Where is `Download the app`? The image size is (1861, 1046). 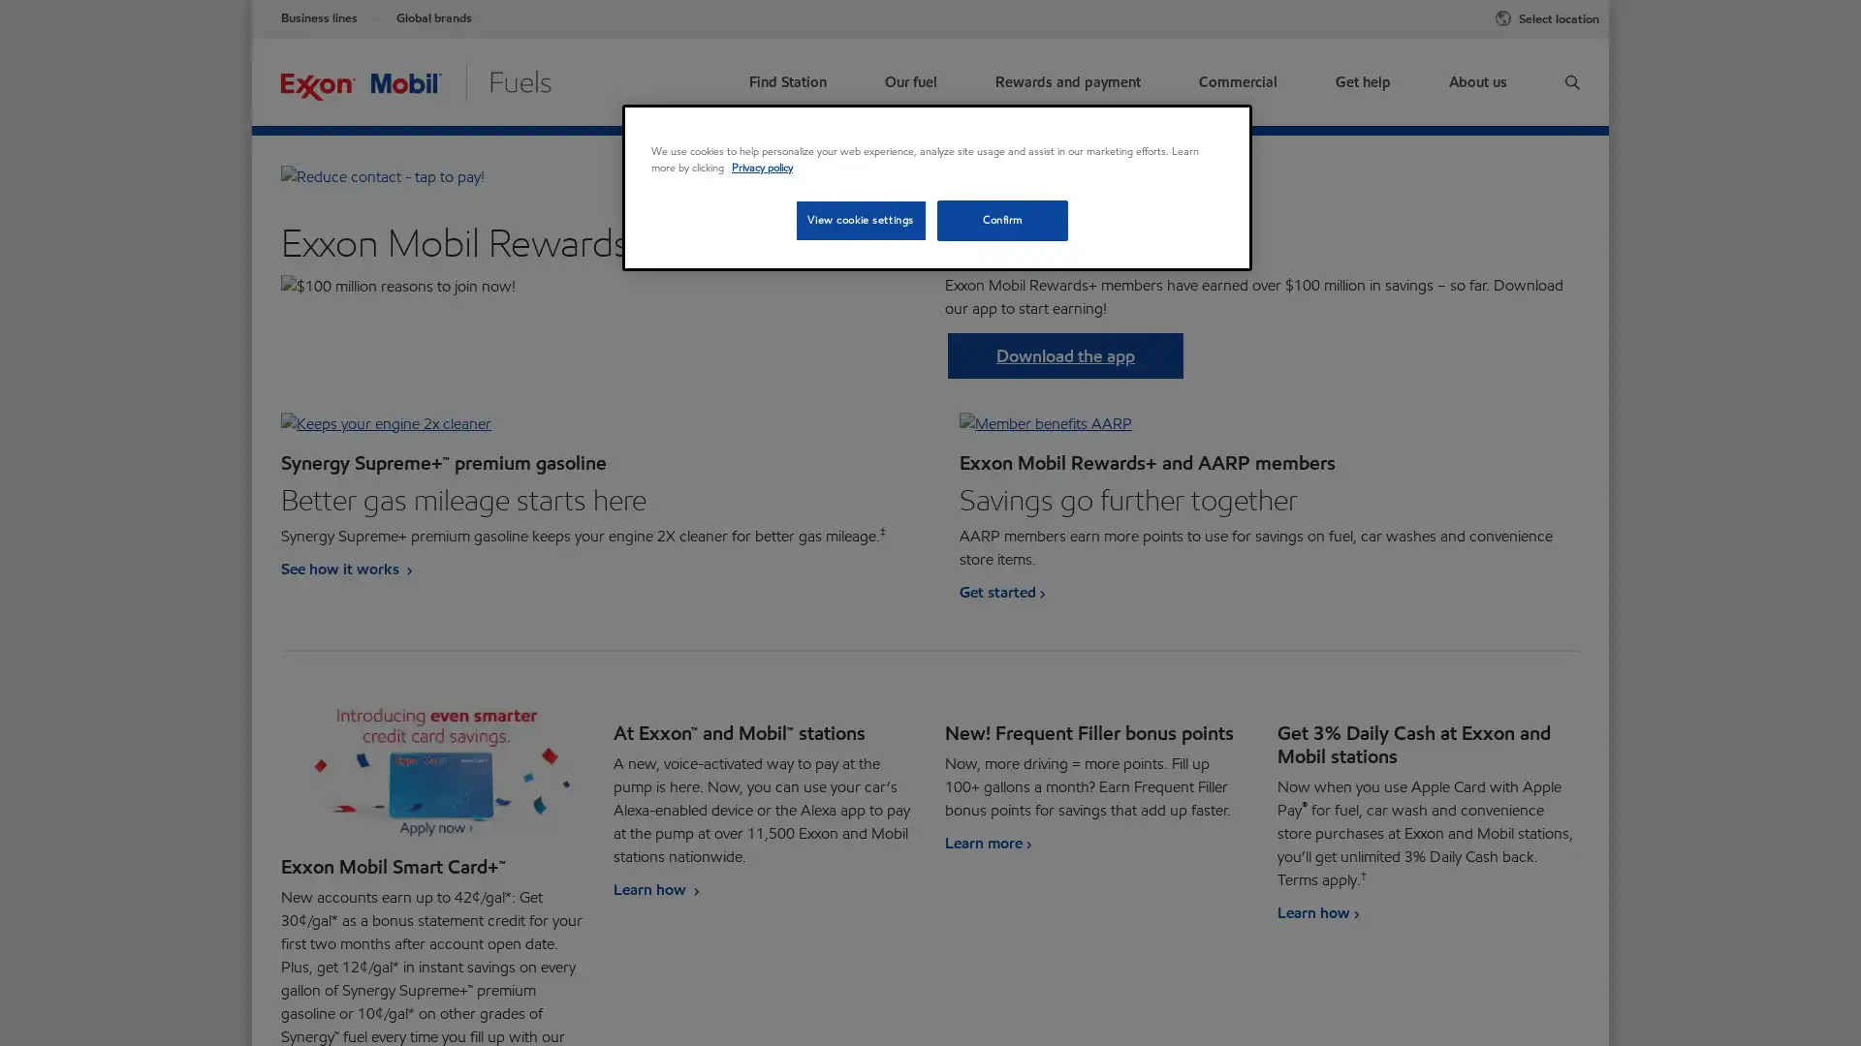 Download the app is located at coordinates (1064, 408).